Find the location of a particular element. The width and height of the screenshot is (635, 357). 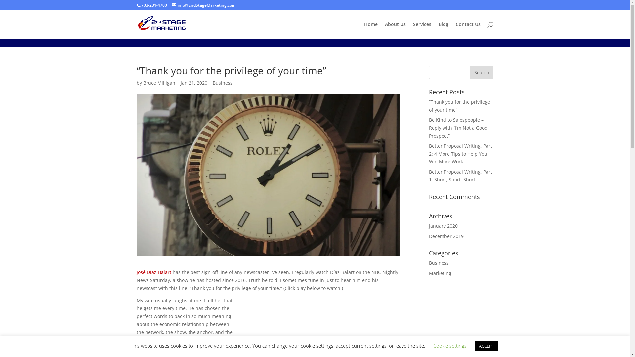

'Marketing' is located at coordinates (440, 273).